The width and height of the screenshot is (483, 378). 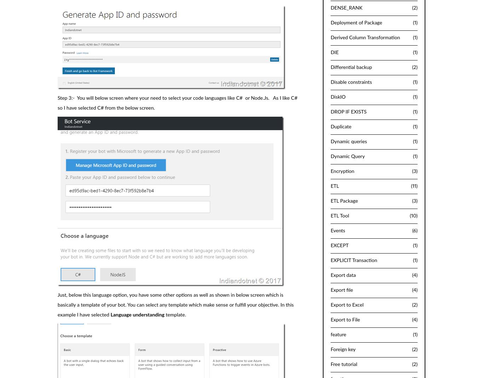 I want to click on 'Step 3:-  You will below screen where your need to select your code languages like C#  or Node.Js.   As I like C# so I have selected C# from the below screen.', so click(x=177, y=102).